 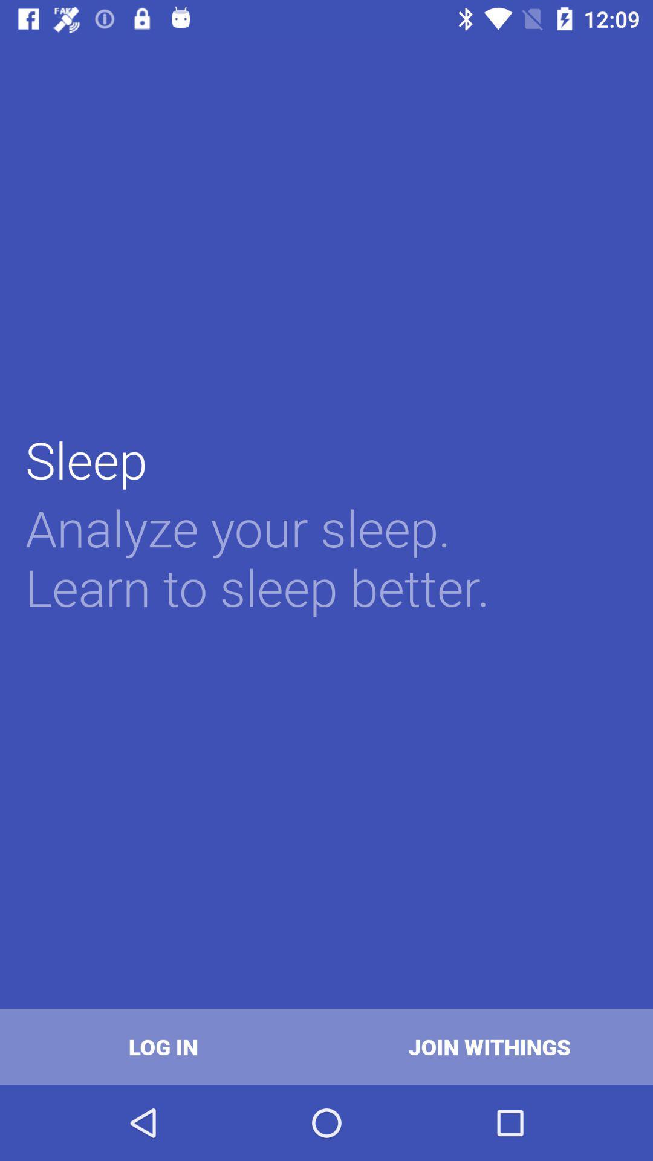 I want to click on icon next to the join withings, so click(x=163, y=1046).